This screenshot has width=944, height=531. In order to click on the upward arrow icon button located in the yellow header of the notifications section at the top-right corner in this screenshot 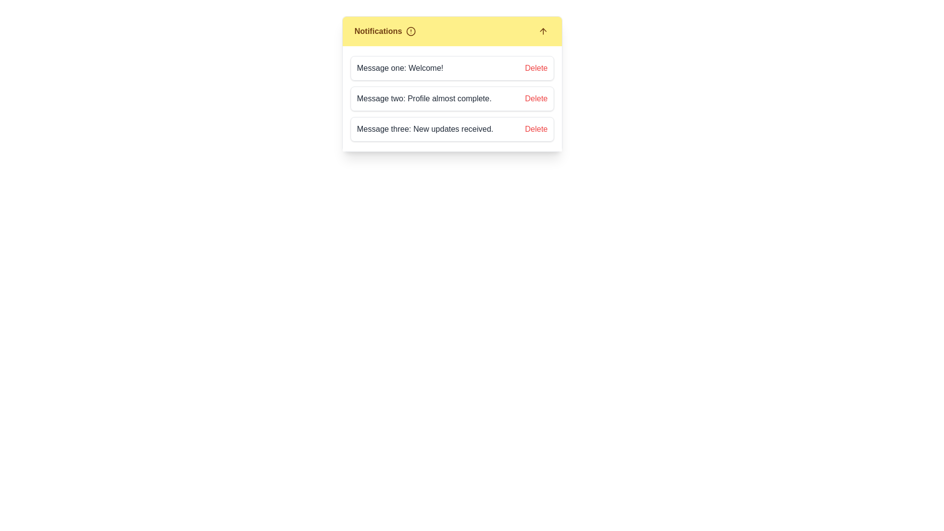, I will do `click(542, 31)`.